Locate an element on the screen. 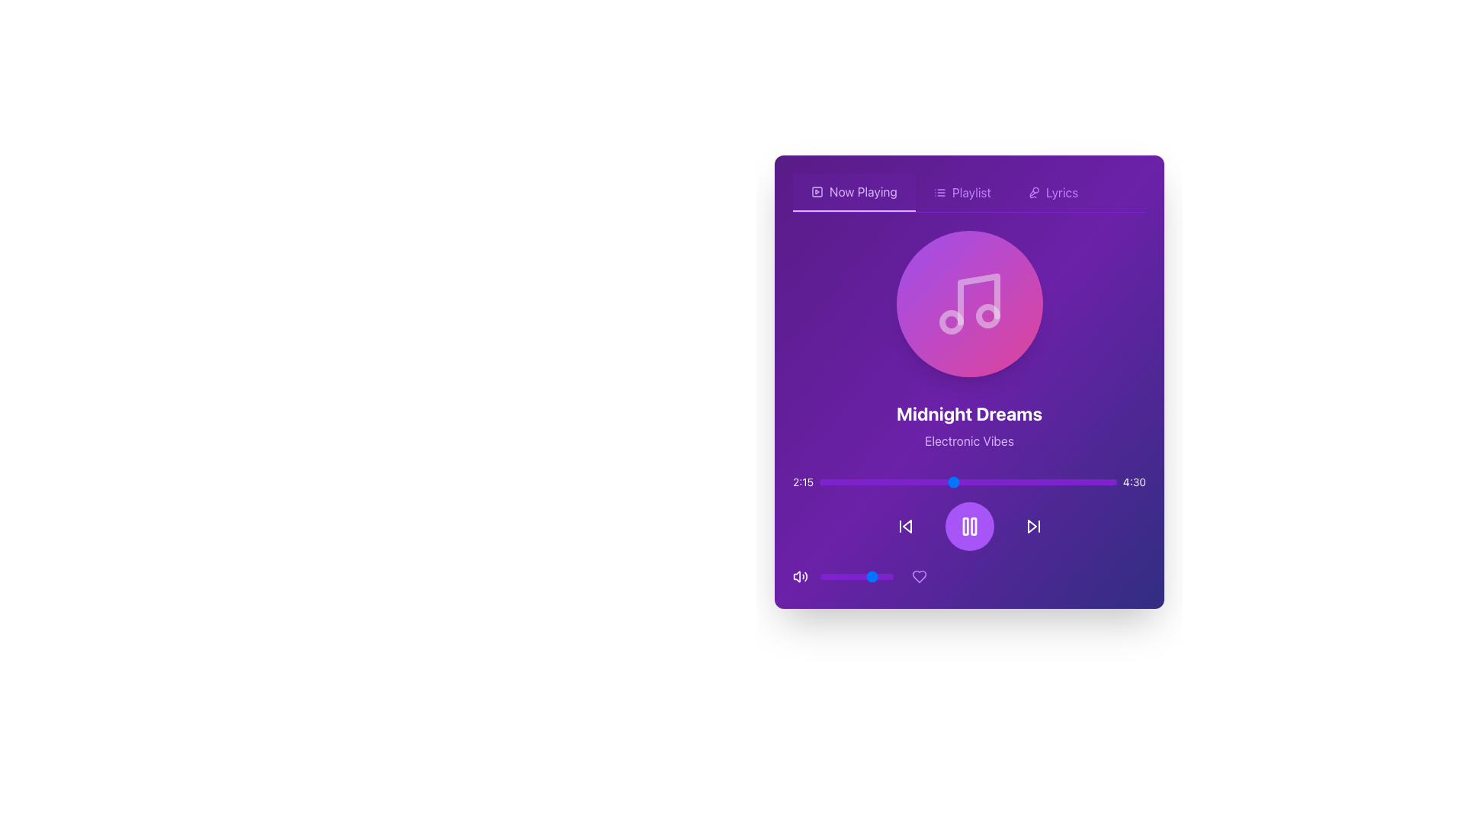 The width and height of the screenshot is (1464, 823). progress is located at coordinates (920, 482).